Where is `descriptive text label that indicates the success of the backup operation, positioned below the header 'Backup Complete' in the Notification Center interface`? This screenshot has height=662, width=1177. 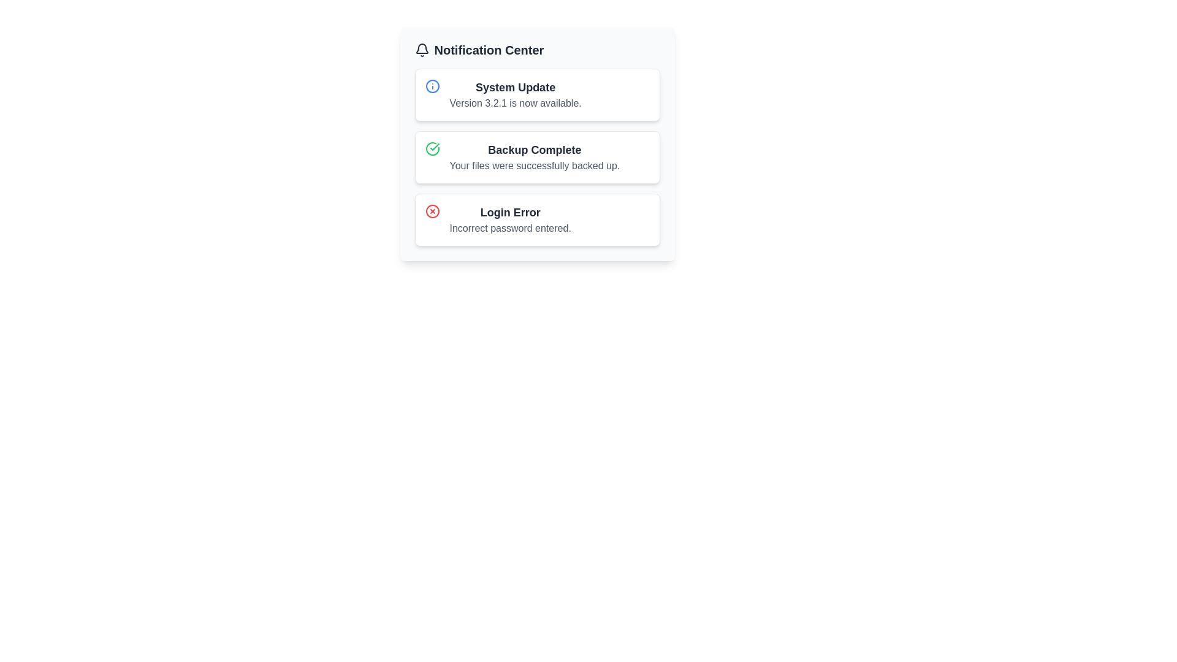 descriptive text label that indicates the success of the backup operation, positioned below the header 'Backup Complete' in the Notification Center interface is located at coordinates (535, 165).